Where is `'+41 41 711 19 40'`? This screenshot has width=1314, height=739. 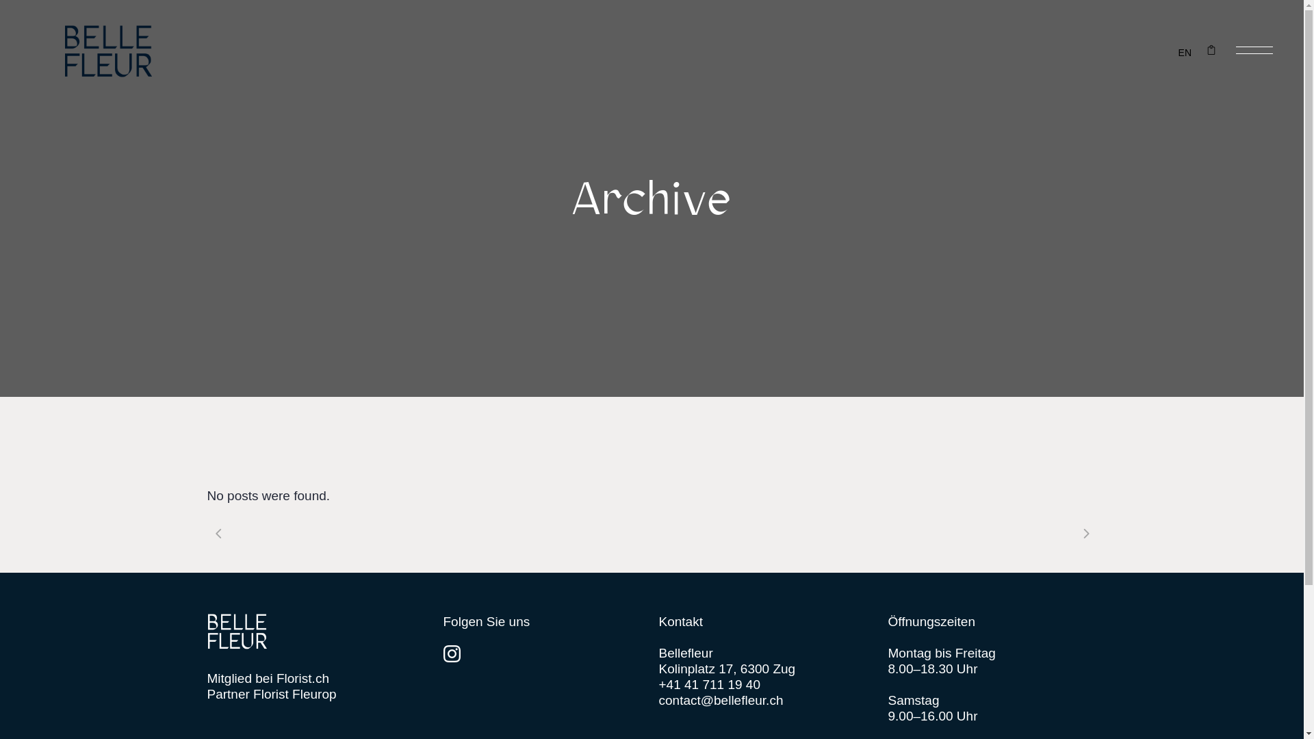
'+41 41 711 19 40' is located at coordinates (709, 684).